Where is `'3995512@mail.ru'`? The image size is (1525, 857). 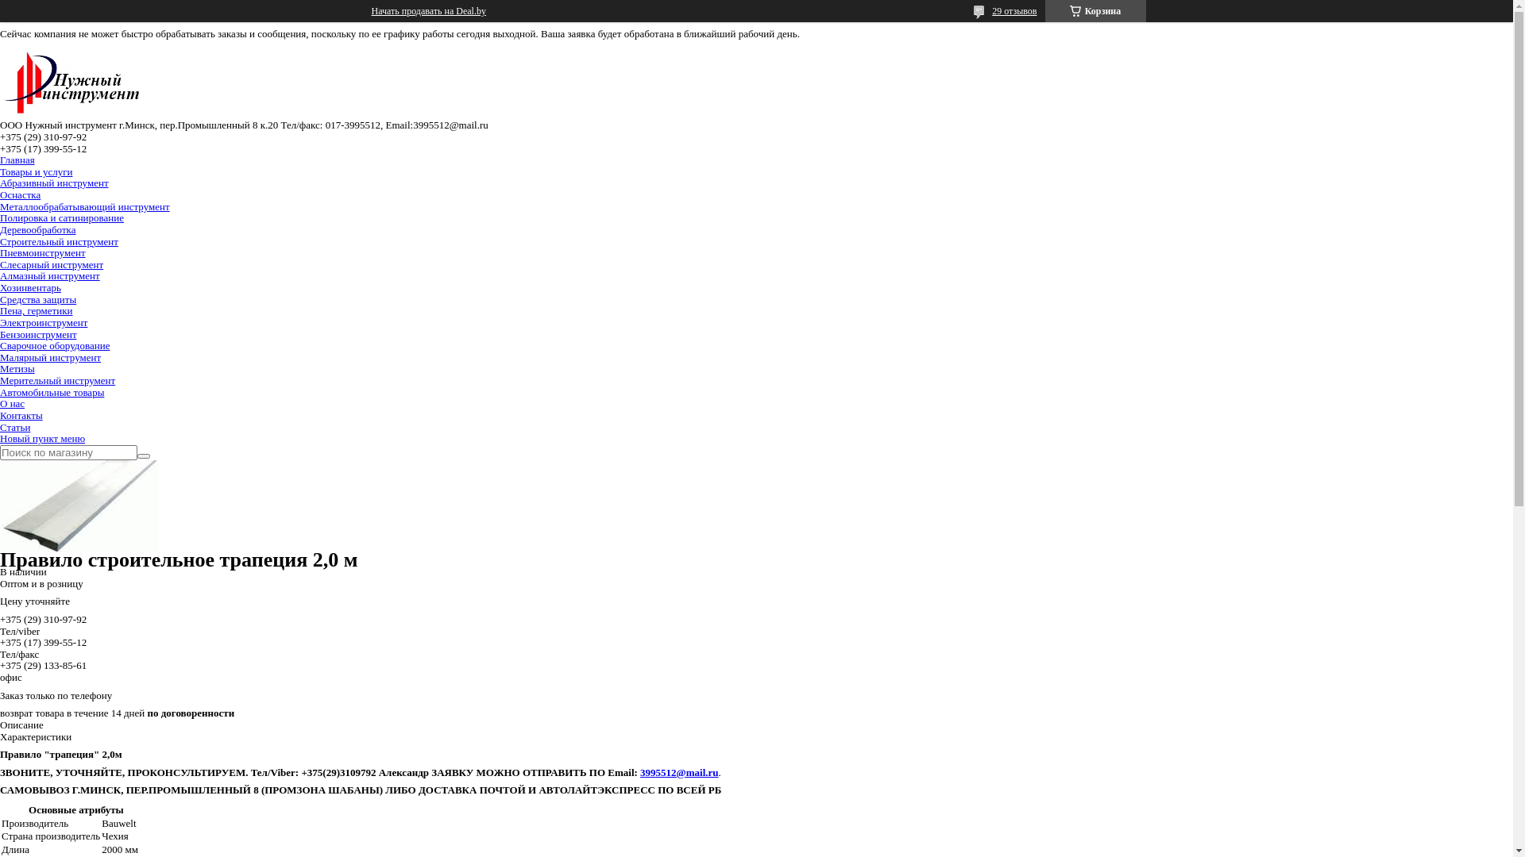 '3995512@mail.ru' is located at coordinates (640, 771).